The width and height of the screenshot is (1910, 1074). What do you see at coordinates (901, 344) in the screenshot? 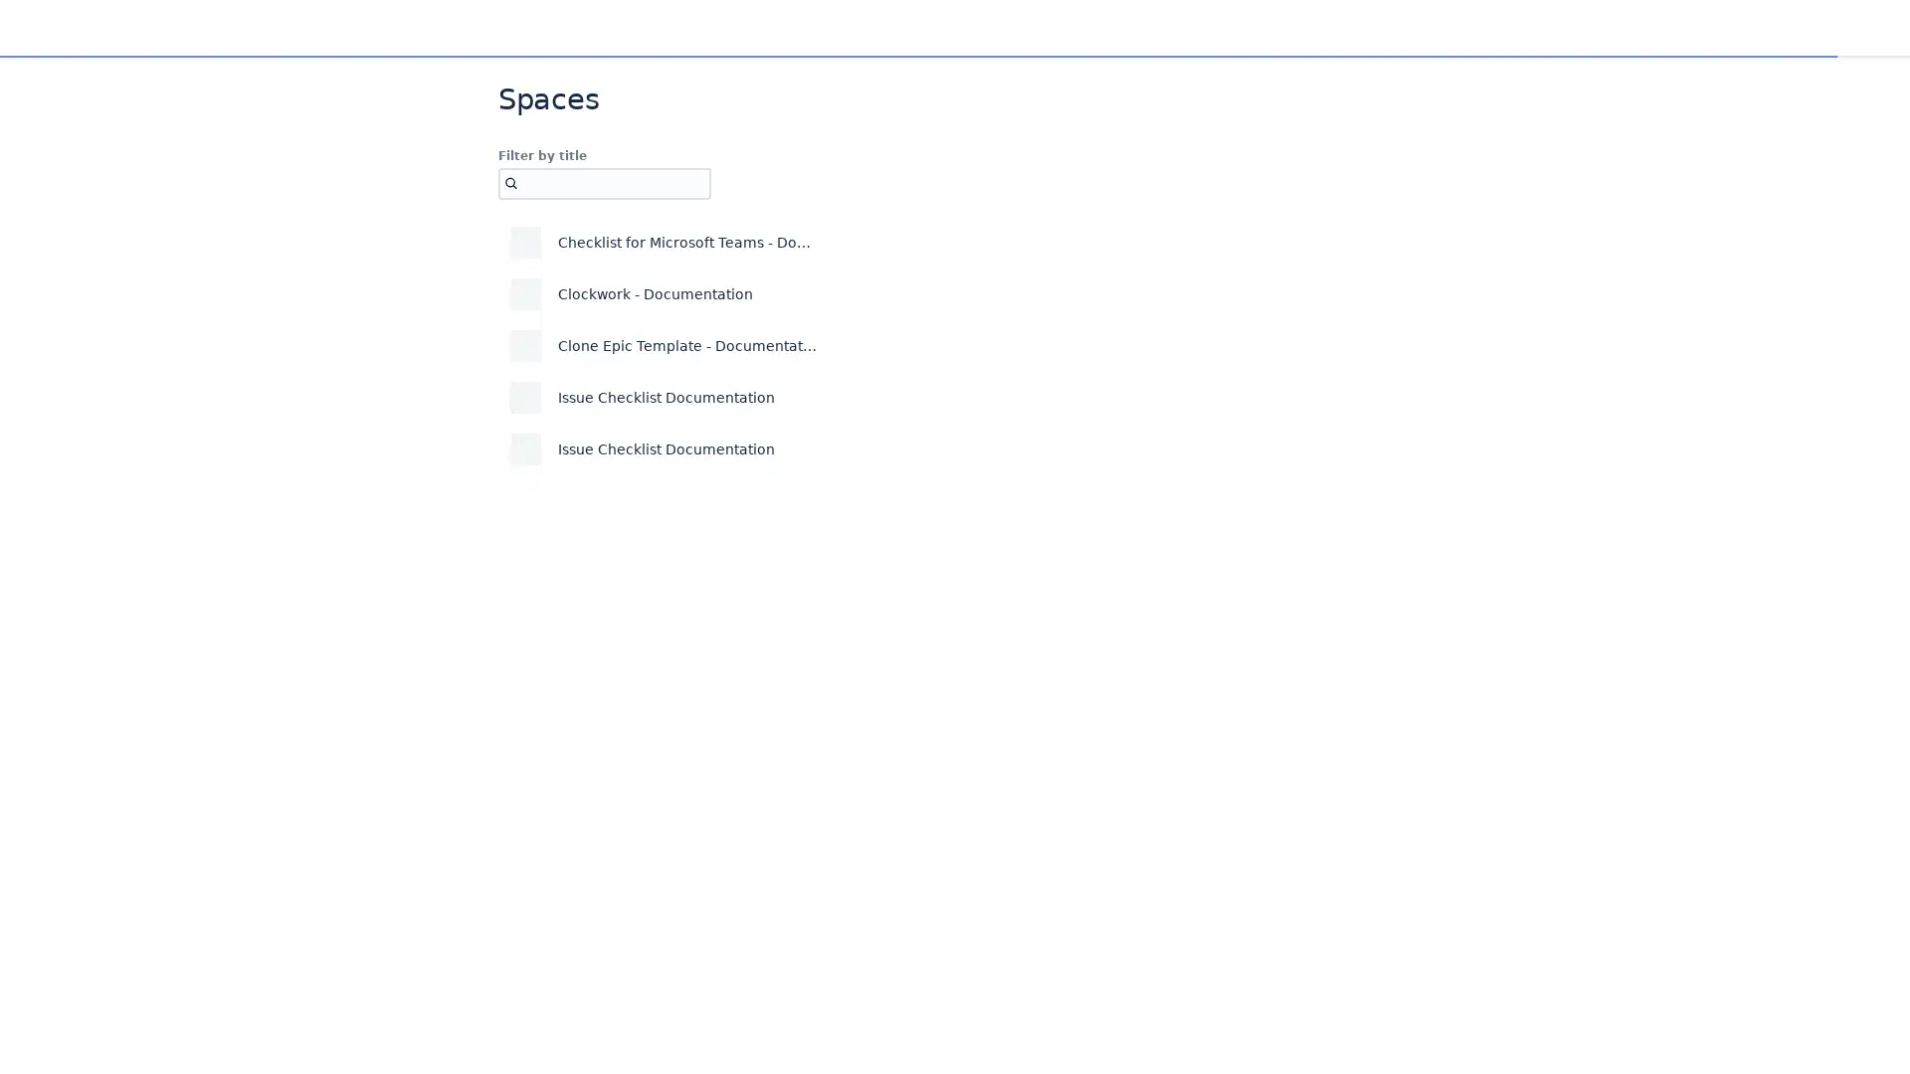
I see `documentation` at bounding box center [901, 344].